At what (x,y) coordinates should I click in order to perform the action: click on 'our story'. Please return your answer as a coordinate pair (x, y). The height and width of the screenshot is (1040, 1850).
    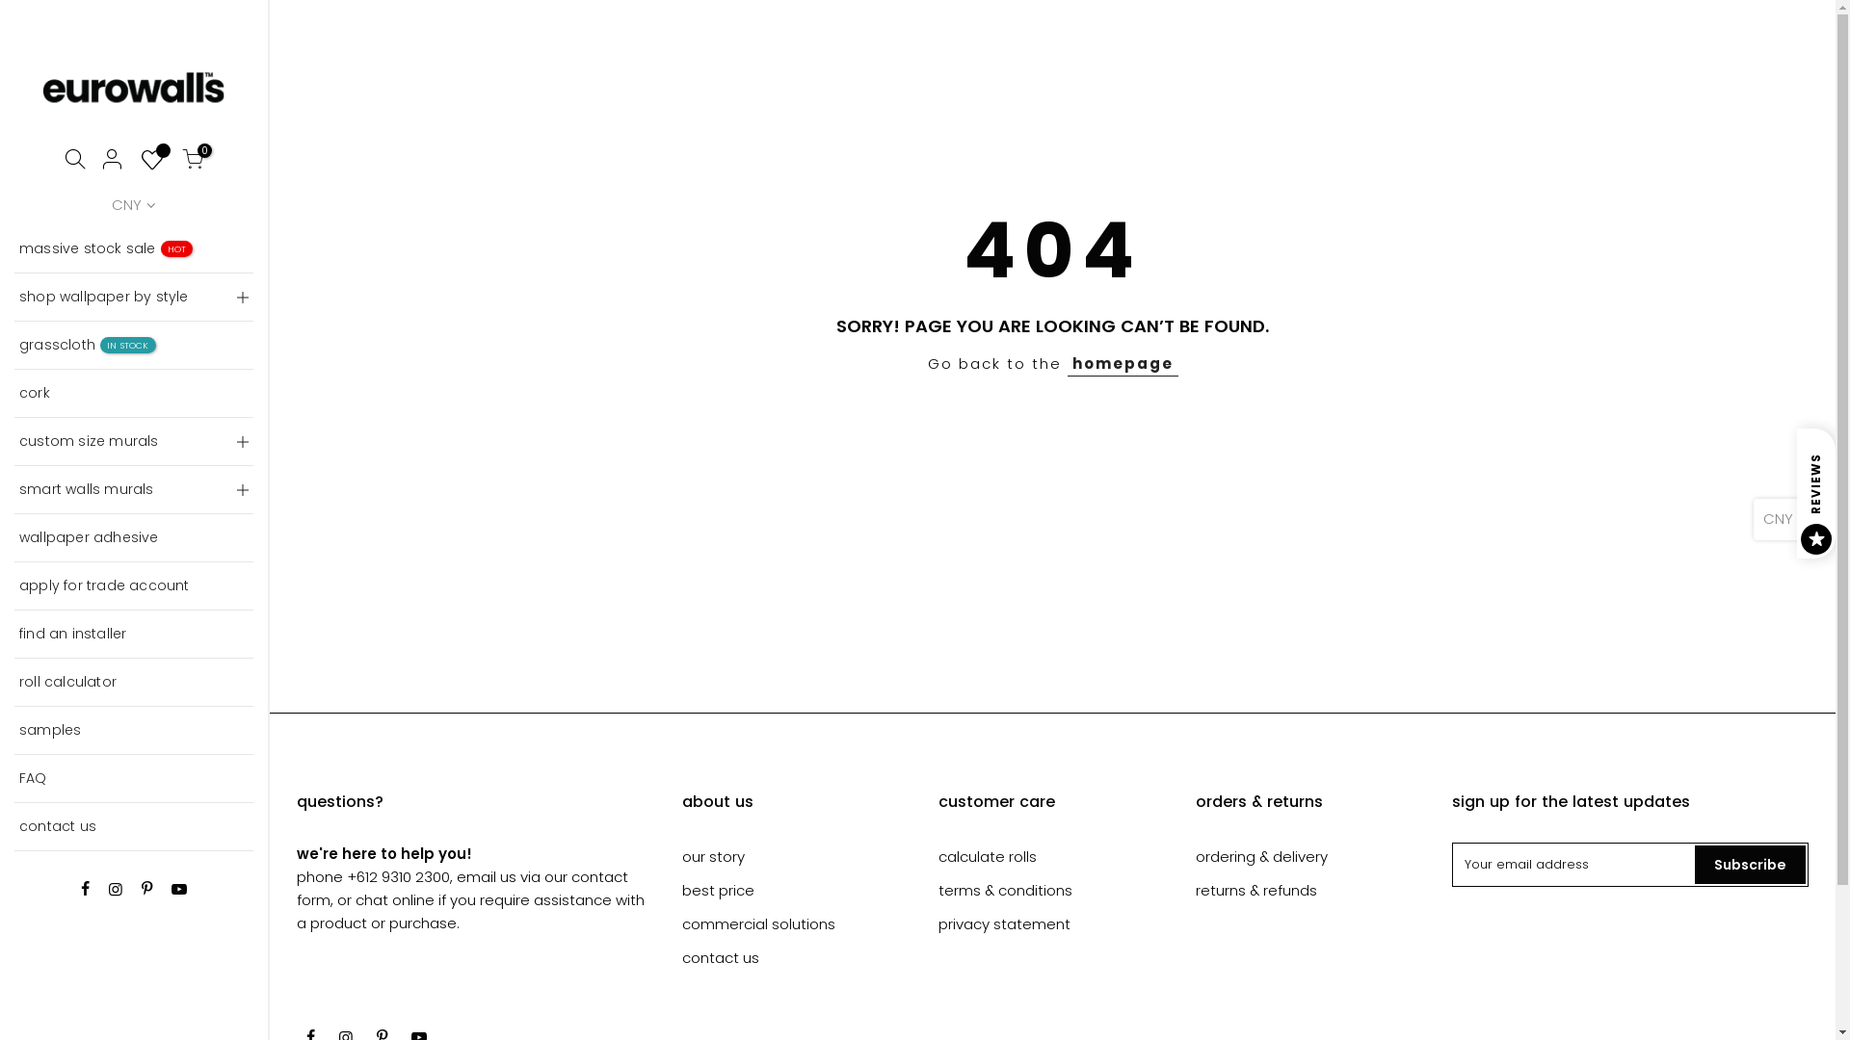
    Looking at the image, I should click on (712, 855).